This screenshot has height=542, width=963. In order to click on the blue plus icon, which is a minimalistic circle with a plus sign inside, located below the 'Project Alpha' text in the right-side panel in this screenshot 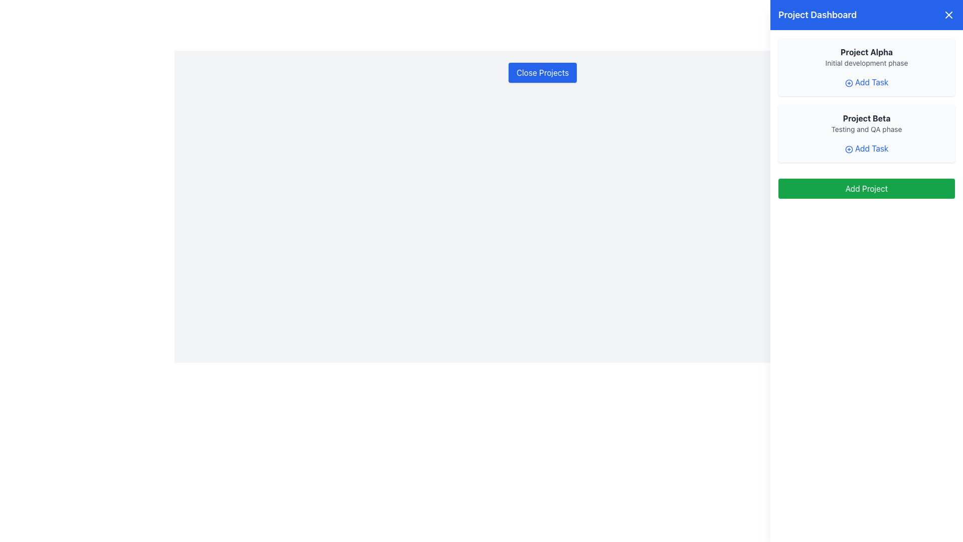, I will do `click(848, 82)`.